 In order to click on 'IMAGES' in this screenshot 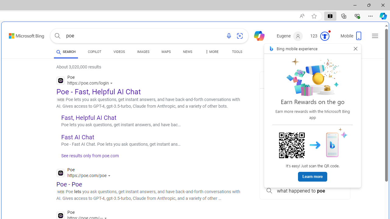, I will do `click(143, 52)`.